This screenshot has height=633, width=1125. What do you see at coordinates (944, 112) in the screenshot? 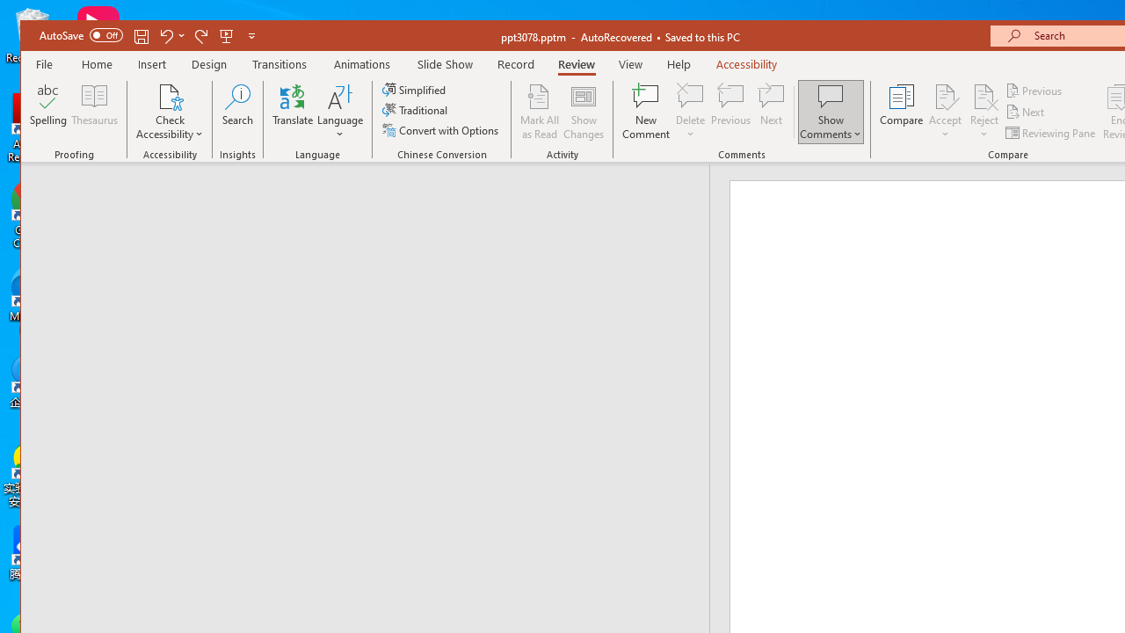
I see `'Accept'` at bounding box center [944, 112].